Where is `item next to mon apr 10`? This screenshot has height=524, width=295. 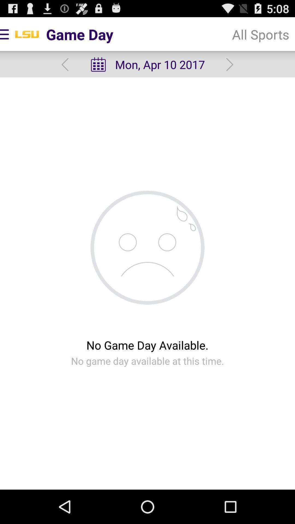
item next to mon apr 10 is located at coordinates (230, 64).